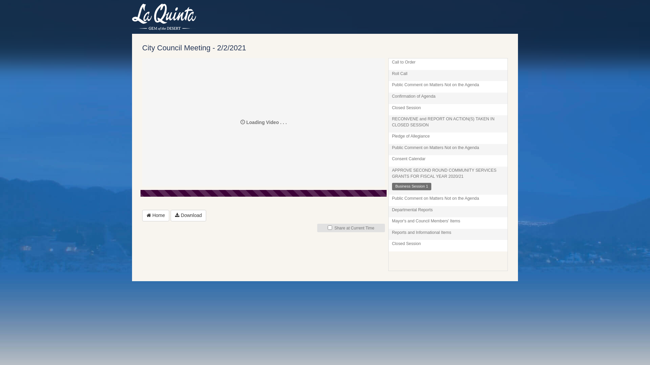  Describe the element at coordinates (132, 17) in the screenshot. I see `'City of La Quinta Meeting Video Archive'` at that location.